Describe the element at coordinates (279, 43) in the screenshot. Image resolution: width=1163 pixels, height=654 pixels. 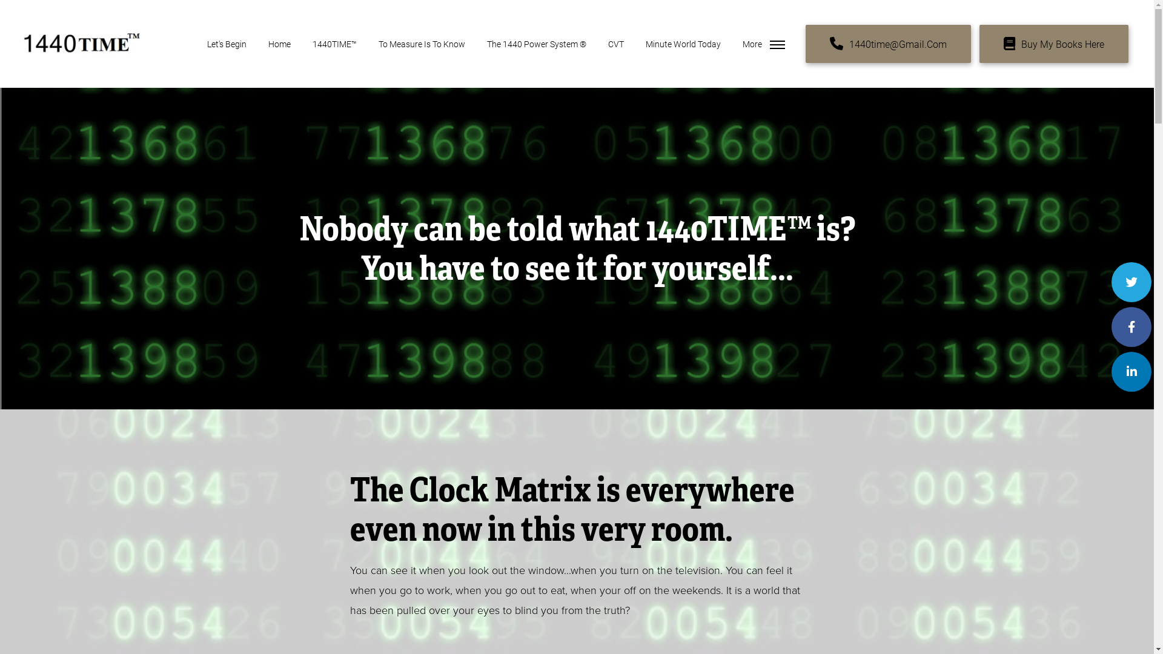
I see `'Home'` at that location.